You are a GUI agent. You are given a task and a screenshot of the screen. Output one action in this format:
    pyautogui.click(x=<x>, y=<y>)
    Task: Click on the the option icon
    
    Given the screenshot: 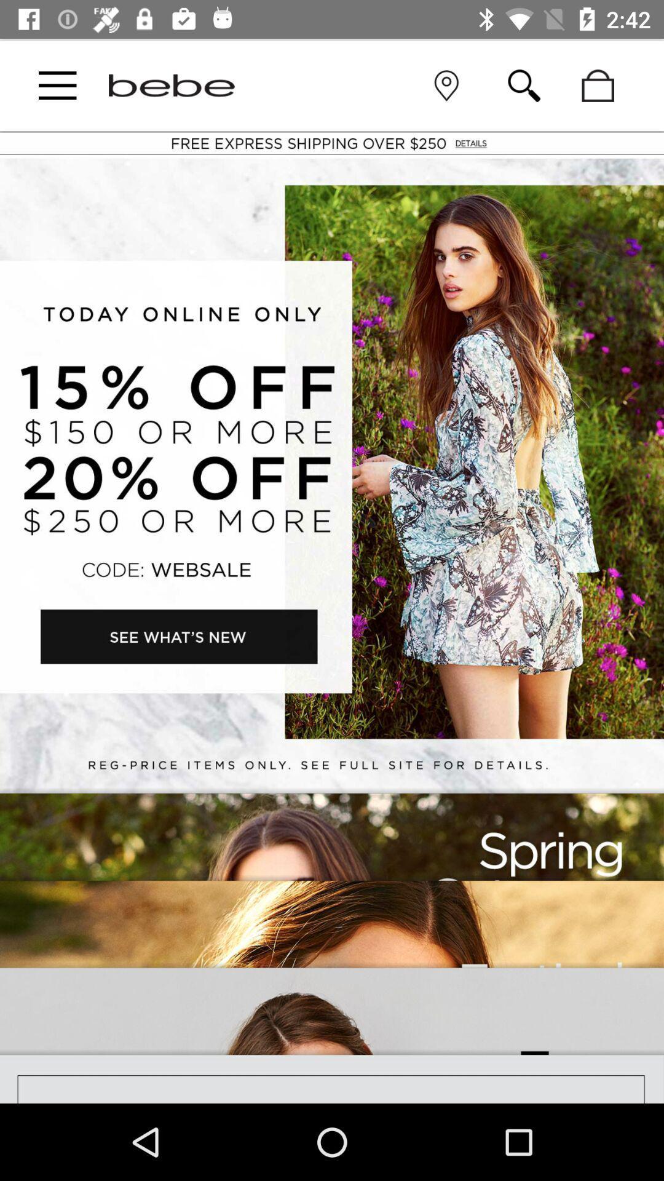 What is the action you would take?
    pyautogui.click(x=57, y=85)
    